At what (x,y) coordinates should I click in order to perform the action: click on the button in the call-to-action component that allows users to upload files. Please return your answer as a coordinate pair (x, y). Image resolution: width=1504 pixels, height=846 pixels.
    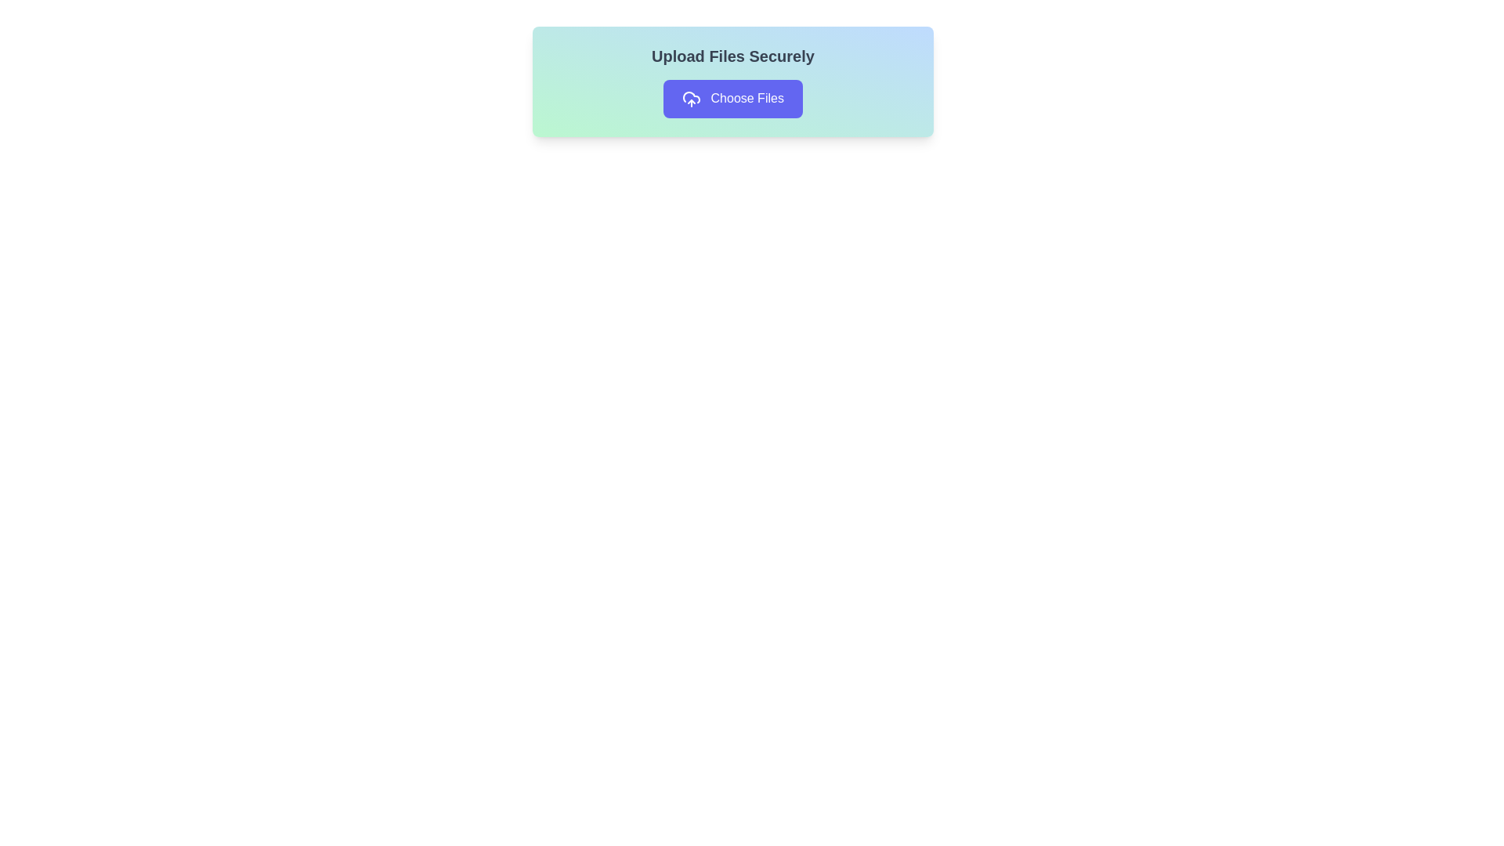
    Looking at the image, I should click on (732, 81).